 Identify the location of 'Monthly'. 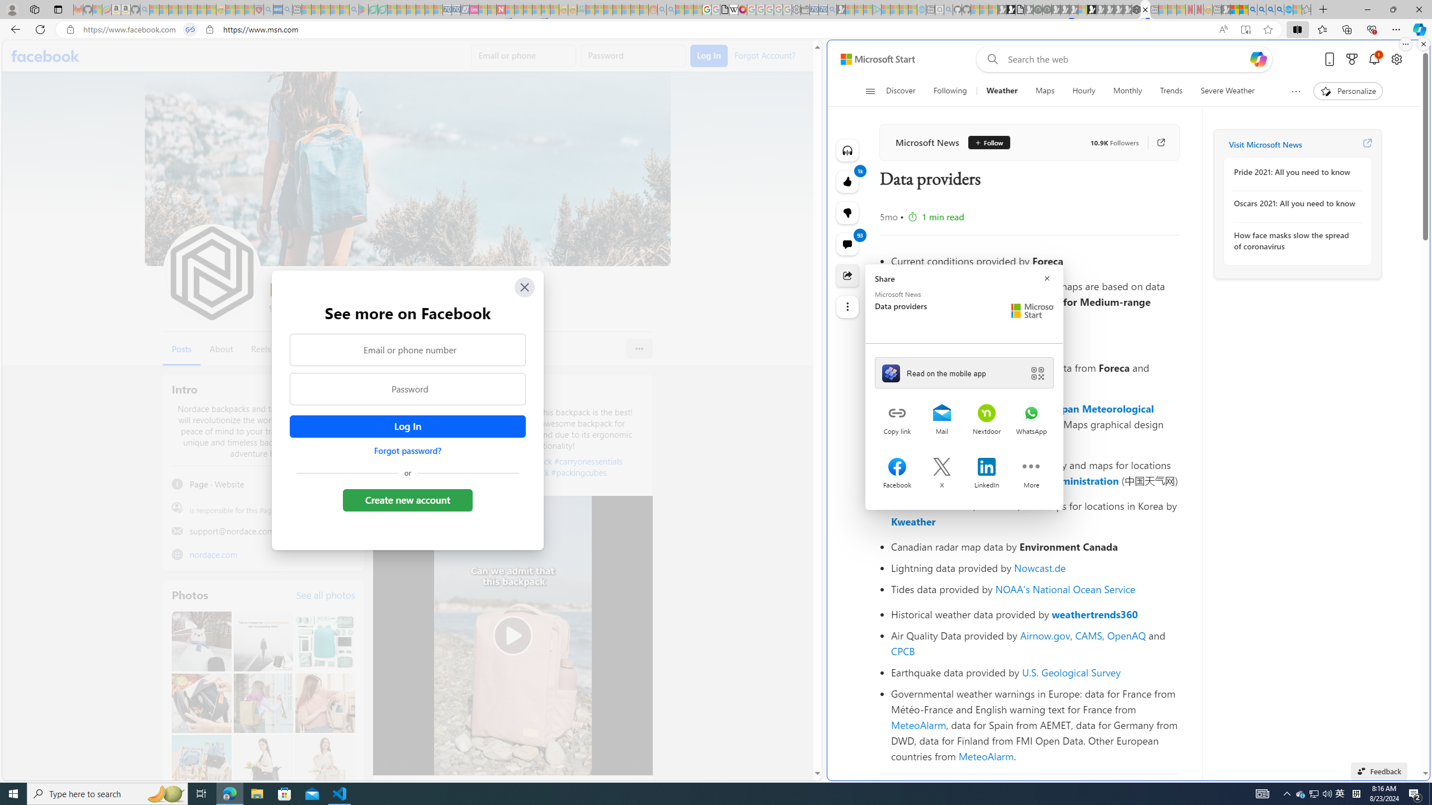
(1127, 91).